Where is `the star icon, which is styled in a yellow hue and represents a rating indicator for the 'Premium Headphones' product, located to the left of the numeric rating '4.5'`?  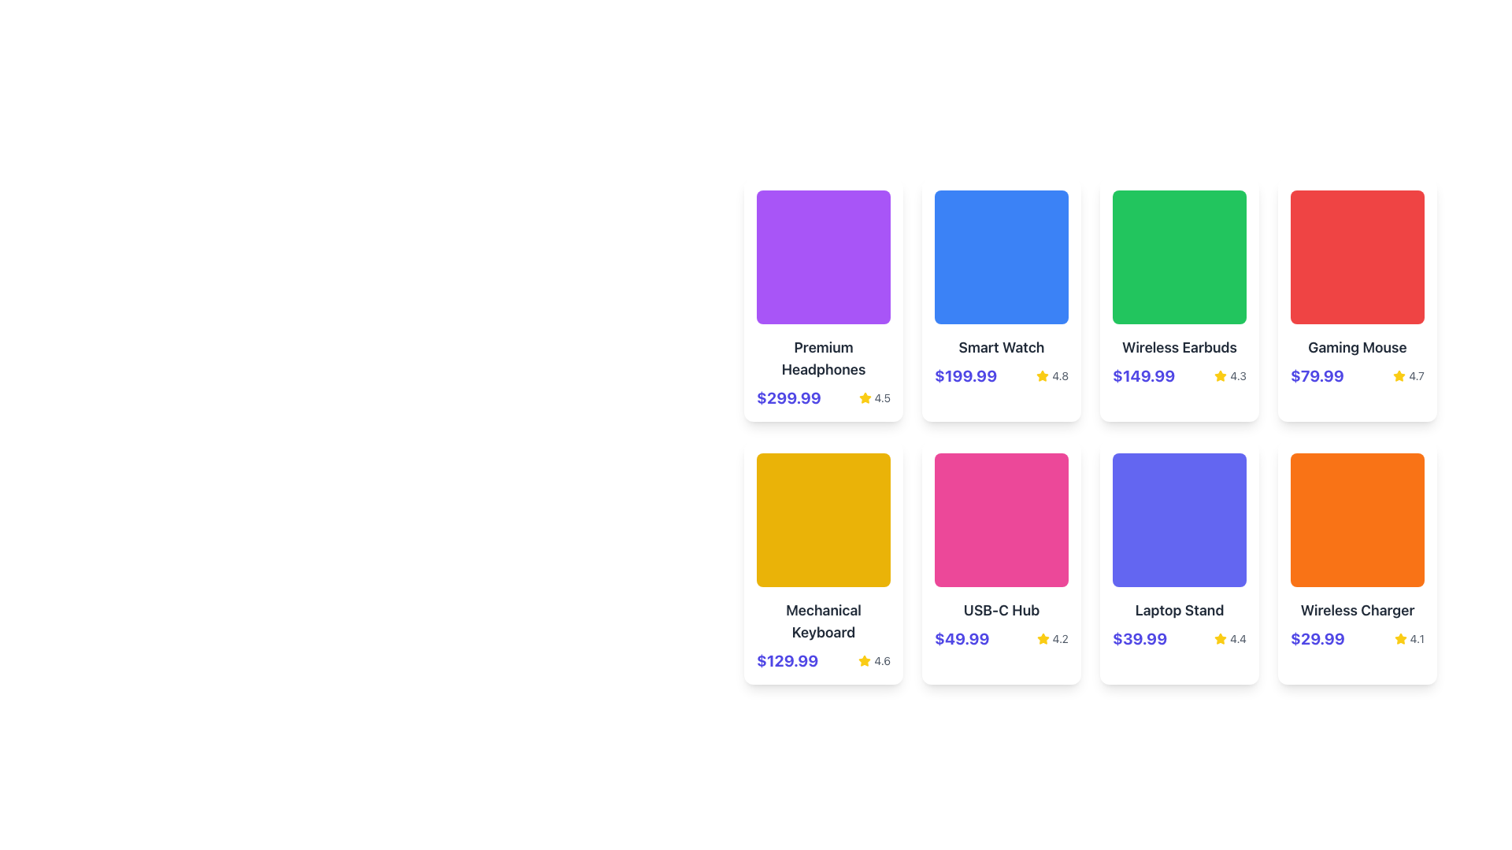
the star icon, which is styled in a yellow hue and represents a rating indicator for the 'Premium Headphones' product, located to the left of the numeric rating '4.5' is located at coordinates (864, 397).